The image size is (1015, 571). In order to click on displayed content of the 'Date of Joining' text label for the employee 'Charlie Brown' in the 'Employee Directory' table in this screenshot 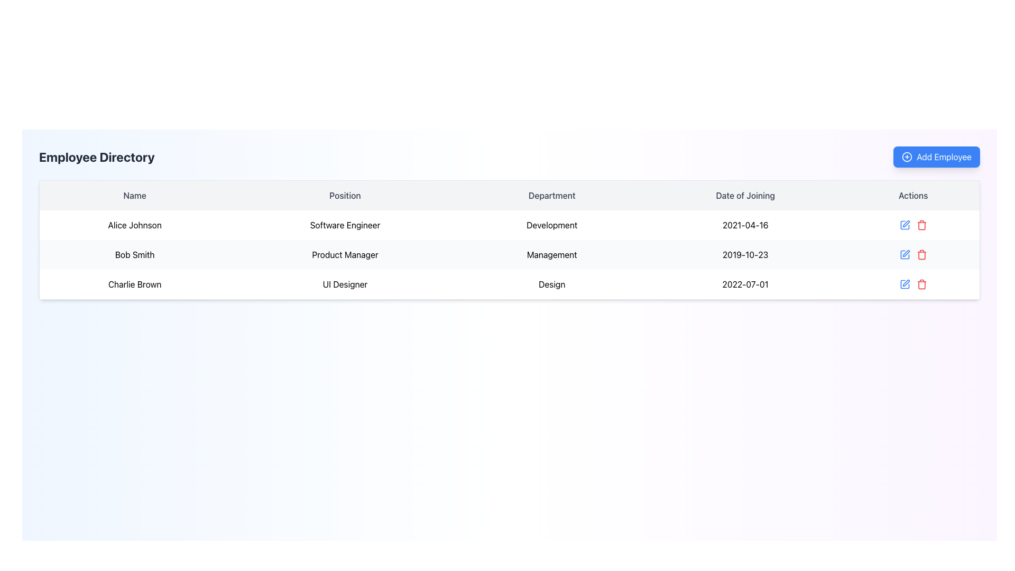, I will do `click(745, 284)`.